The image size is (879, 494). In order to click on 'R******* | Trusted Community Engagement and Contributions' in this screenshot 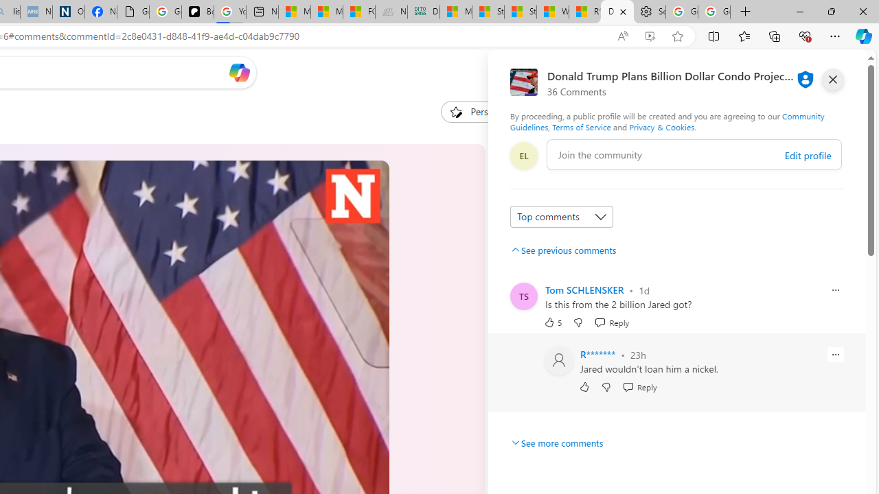, I will do `click(585, 12)`.